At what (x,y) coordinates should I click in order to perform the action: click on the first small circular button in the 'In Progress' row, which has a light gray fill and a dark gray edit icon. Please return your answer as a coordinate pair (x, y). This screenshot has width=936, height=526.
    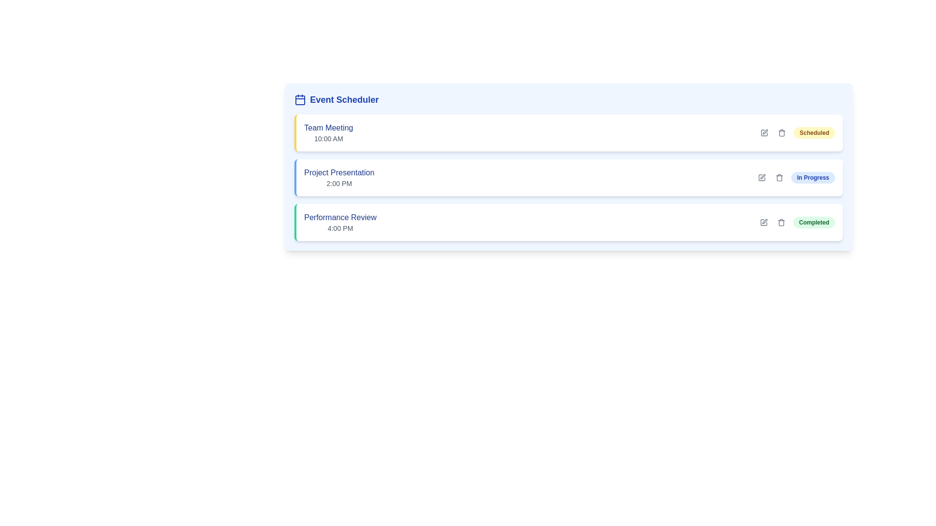
    Looking at the image, I should click on (761, 178).